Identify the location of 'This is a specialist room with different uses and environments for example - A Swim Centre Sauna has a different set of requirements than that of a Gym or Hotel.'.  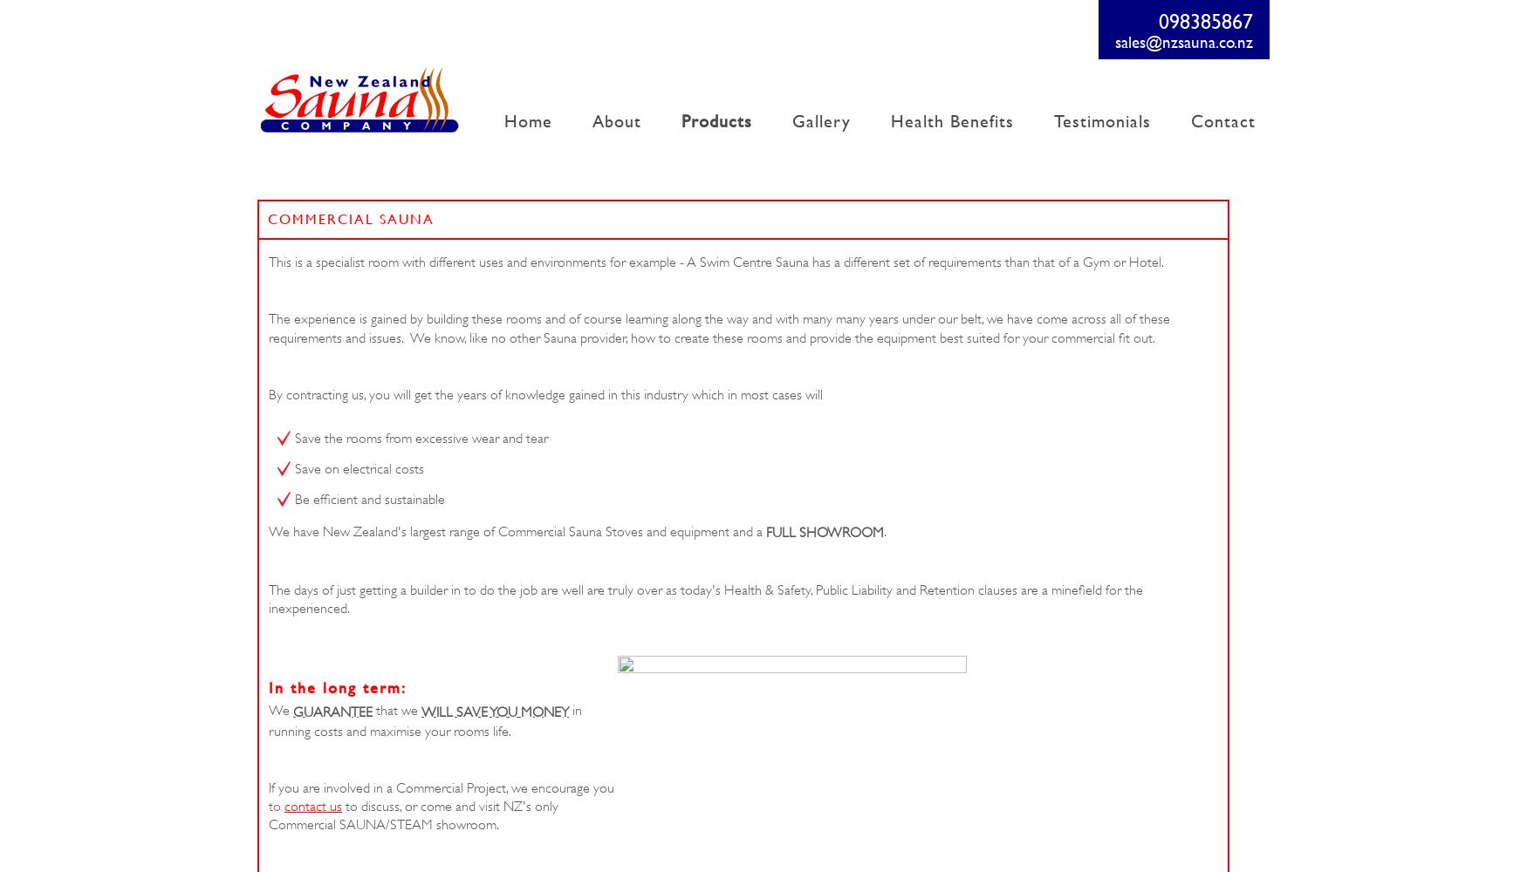
(716, 262).